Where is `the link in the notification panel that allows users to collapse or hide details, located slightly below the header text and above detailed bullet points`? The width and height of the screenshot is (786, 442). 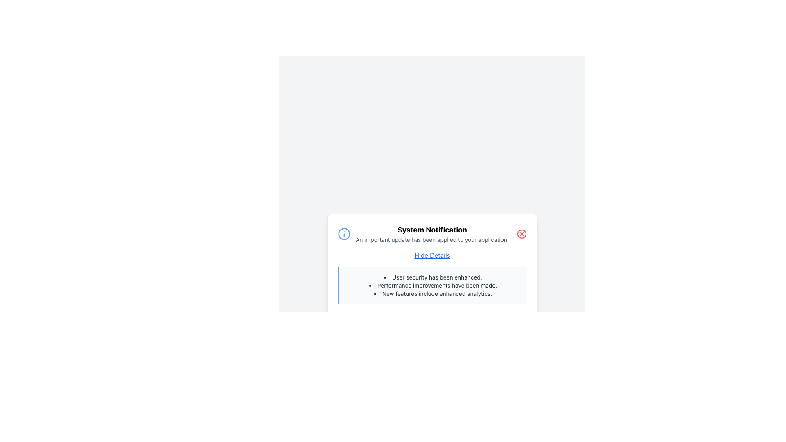
the link in the notification panel that allows users to collapse or hide details, located slightly below the header text and above detailed bullet points is located at coordinates (432, 255).